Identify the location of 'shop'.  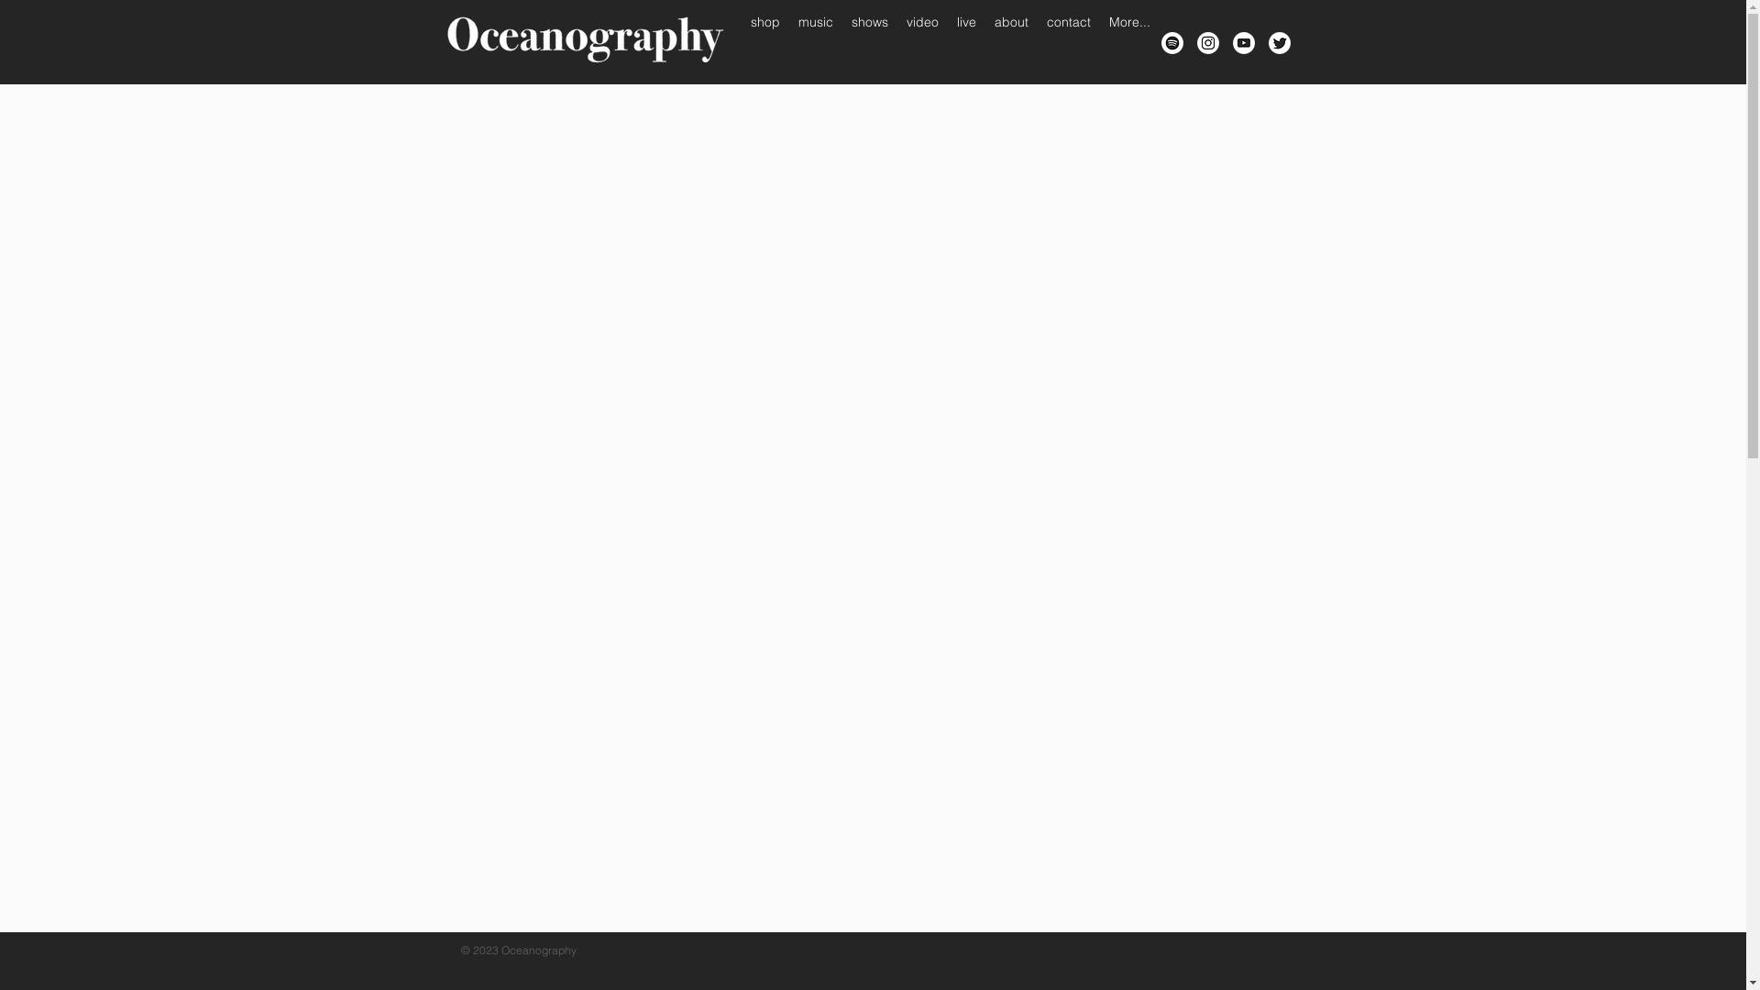
(764, 41).